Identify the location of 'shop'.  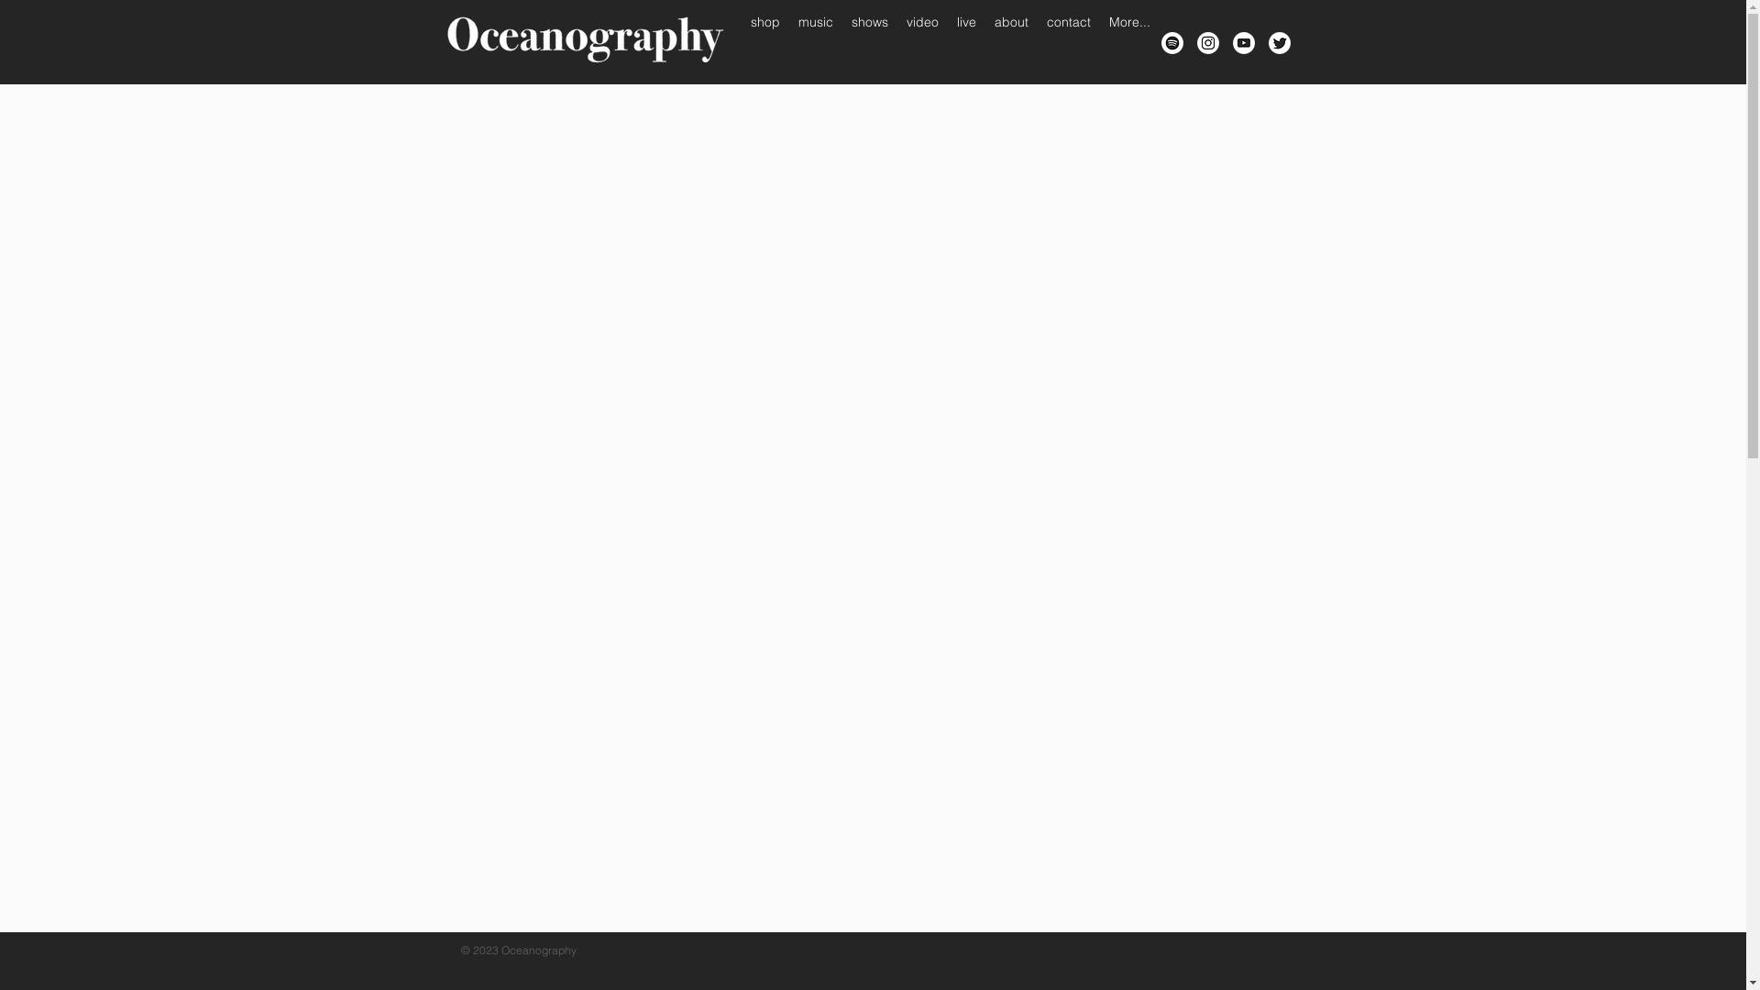
(764, 41).